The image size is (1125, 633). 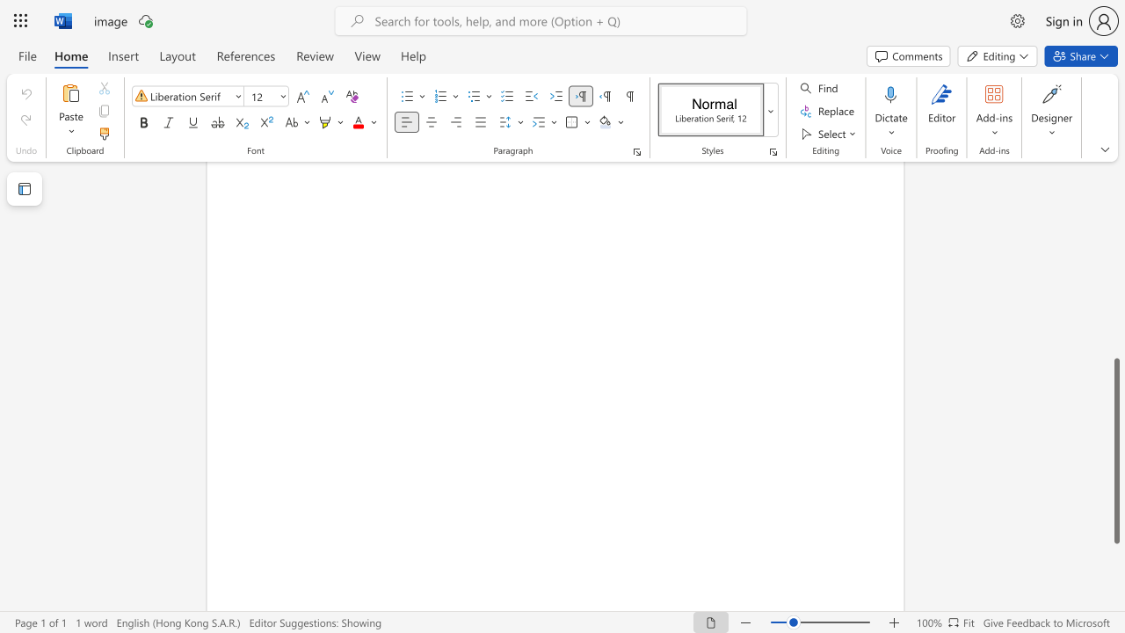 I want to click on the scrollbar and move up 310 pixels, so click(x=1115, y=450).